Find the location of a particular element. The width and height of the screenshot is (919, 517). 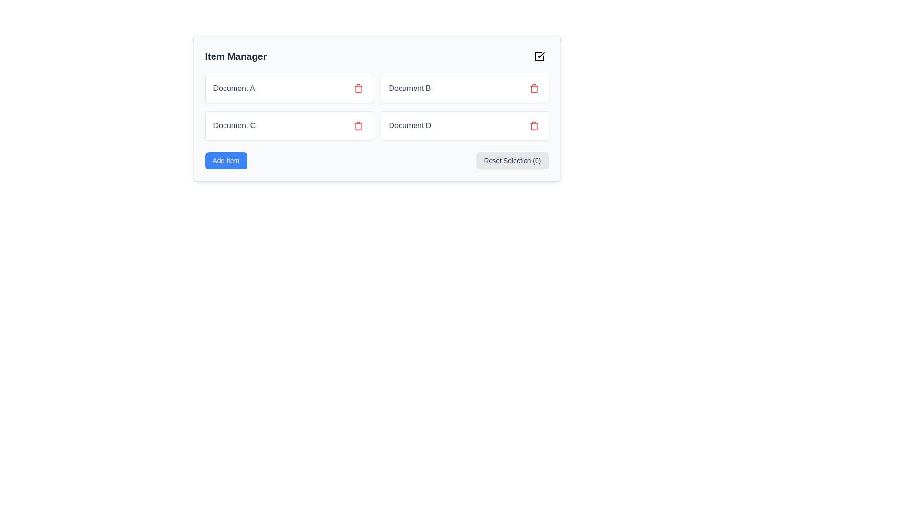

the deletion button located at the far right of the row containing 'Document C', which is the second row in the document list is located at coordinates (358, 125).